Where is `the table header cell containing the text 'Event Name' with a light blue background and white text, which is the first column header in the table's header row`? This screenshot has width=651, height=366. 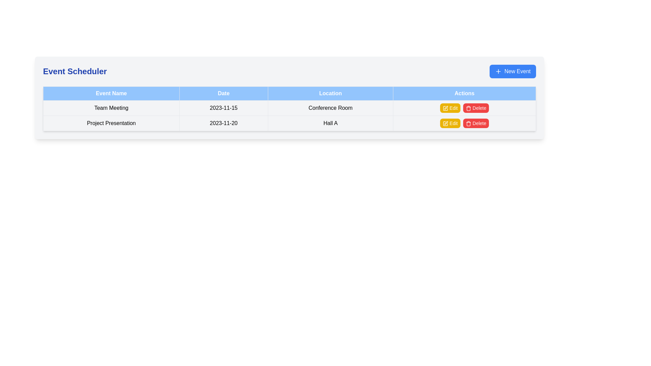 the table header cell containing the text 'Event Name' with a light blue background and white text, which is the first column header in the table's header row is located at coordinates (111, 94).